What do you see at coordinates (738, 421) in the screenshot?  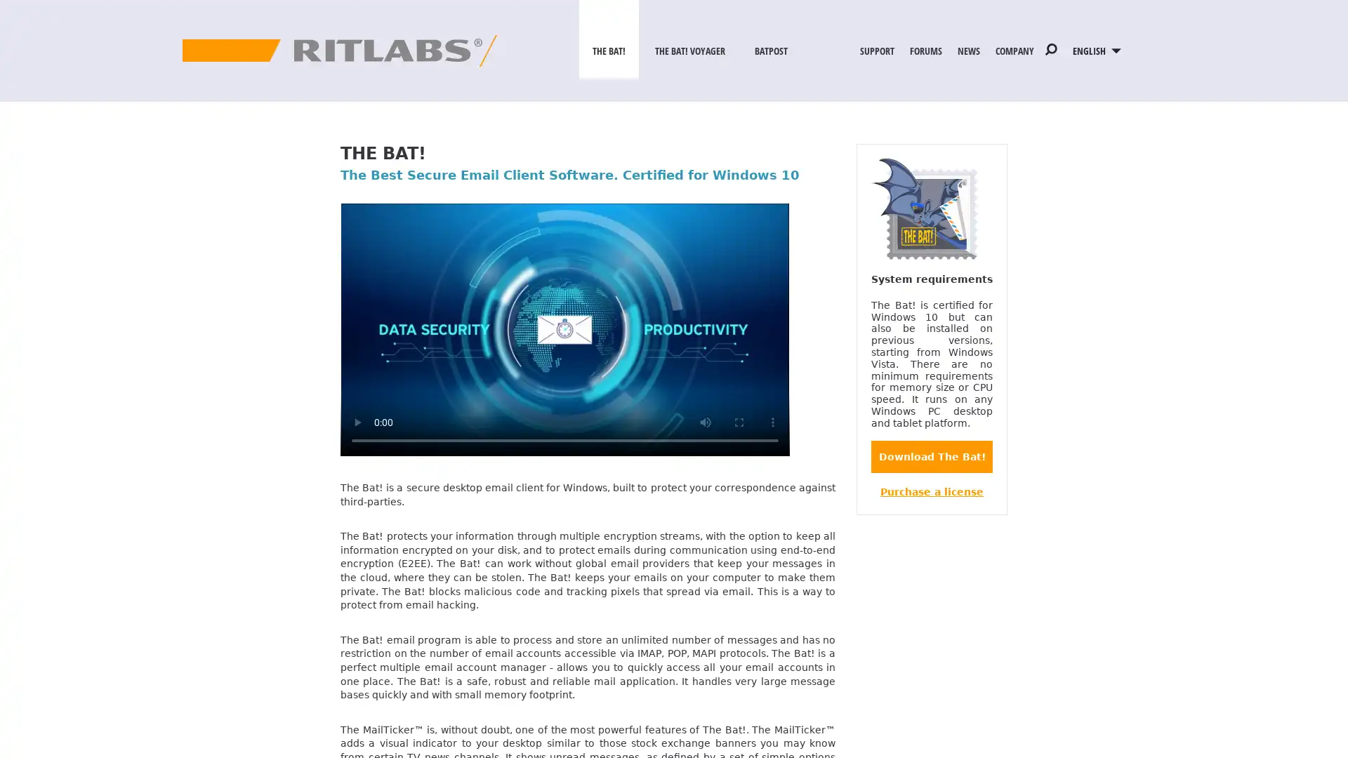 I see `enter full screen` at bounding box center [738, 421].